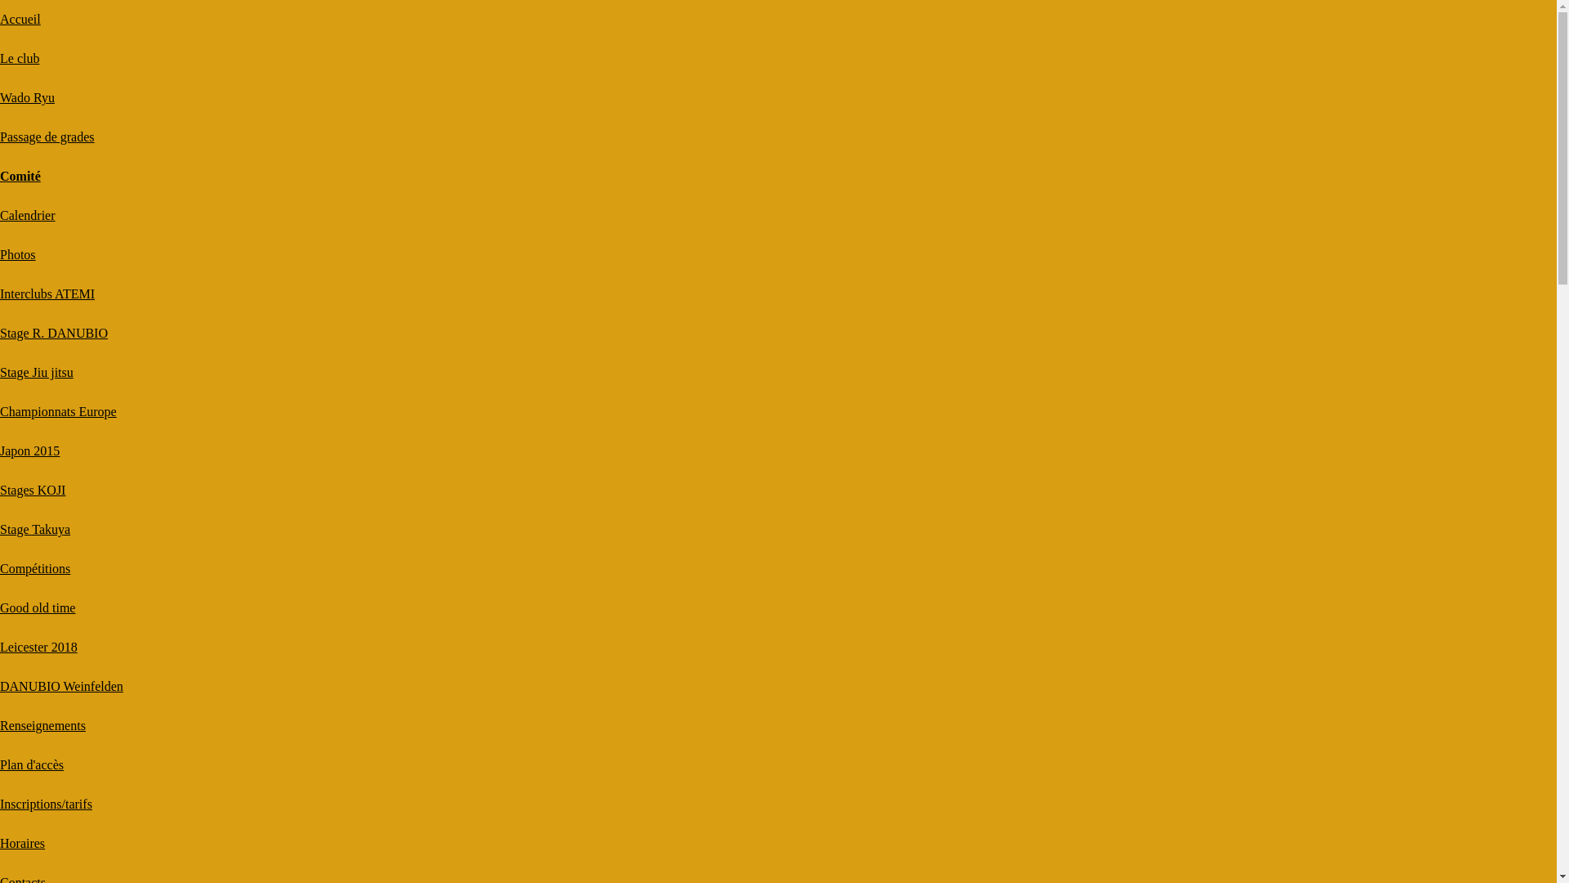  What do you see at coordinates (0, 450) in the screenshot?
I see `'Japon 2015'` at bounding box center [0, 450].